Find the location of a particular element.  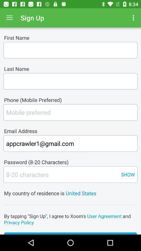

icon above my country of is located at coordinates (127, 174).